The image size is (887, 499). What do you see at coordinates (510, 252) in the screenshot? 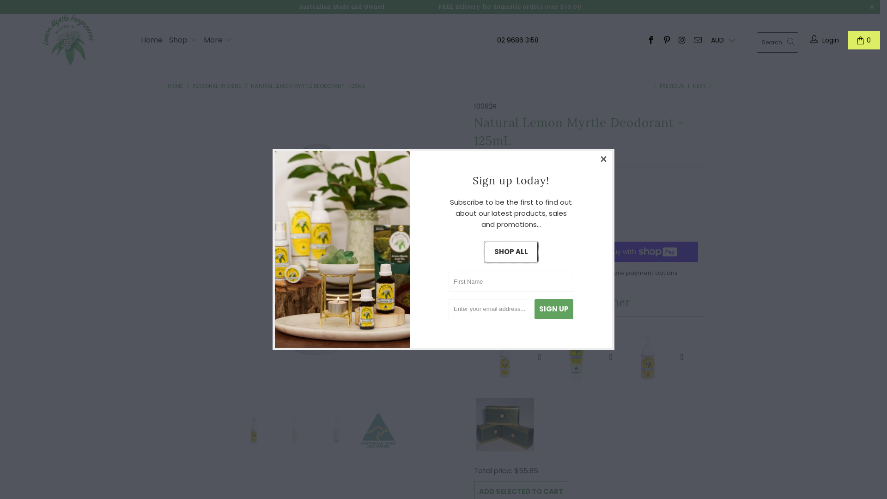
I see `'SHOP ALL'` at bounding box center [510, 252].